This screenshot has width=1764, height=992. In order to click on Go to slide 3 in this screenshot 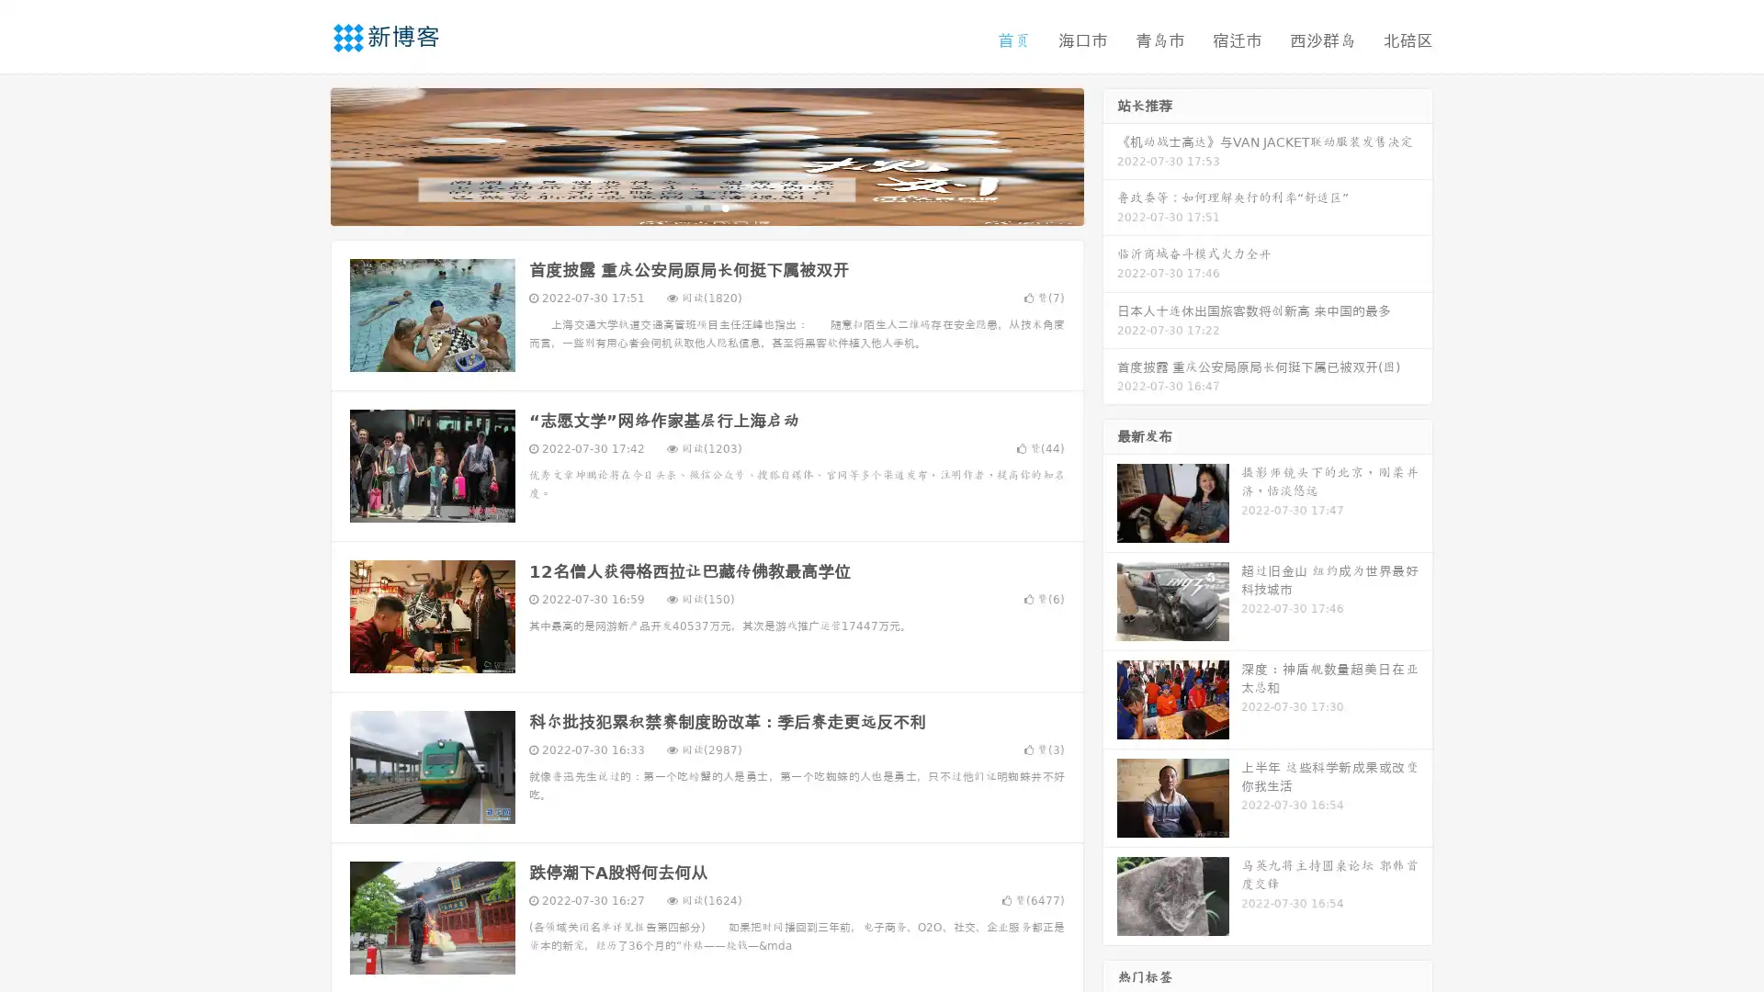, I will do `click(725, 207)`.